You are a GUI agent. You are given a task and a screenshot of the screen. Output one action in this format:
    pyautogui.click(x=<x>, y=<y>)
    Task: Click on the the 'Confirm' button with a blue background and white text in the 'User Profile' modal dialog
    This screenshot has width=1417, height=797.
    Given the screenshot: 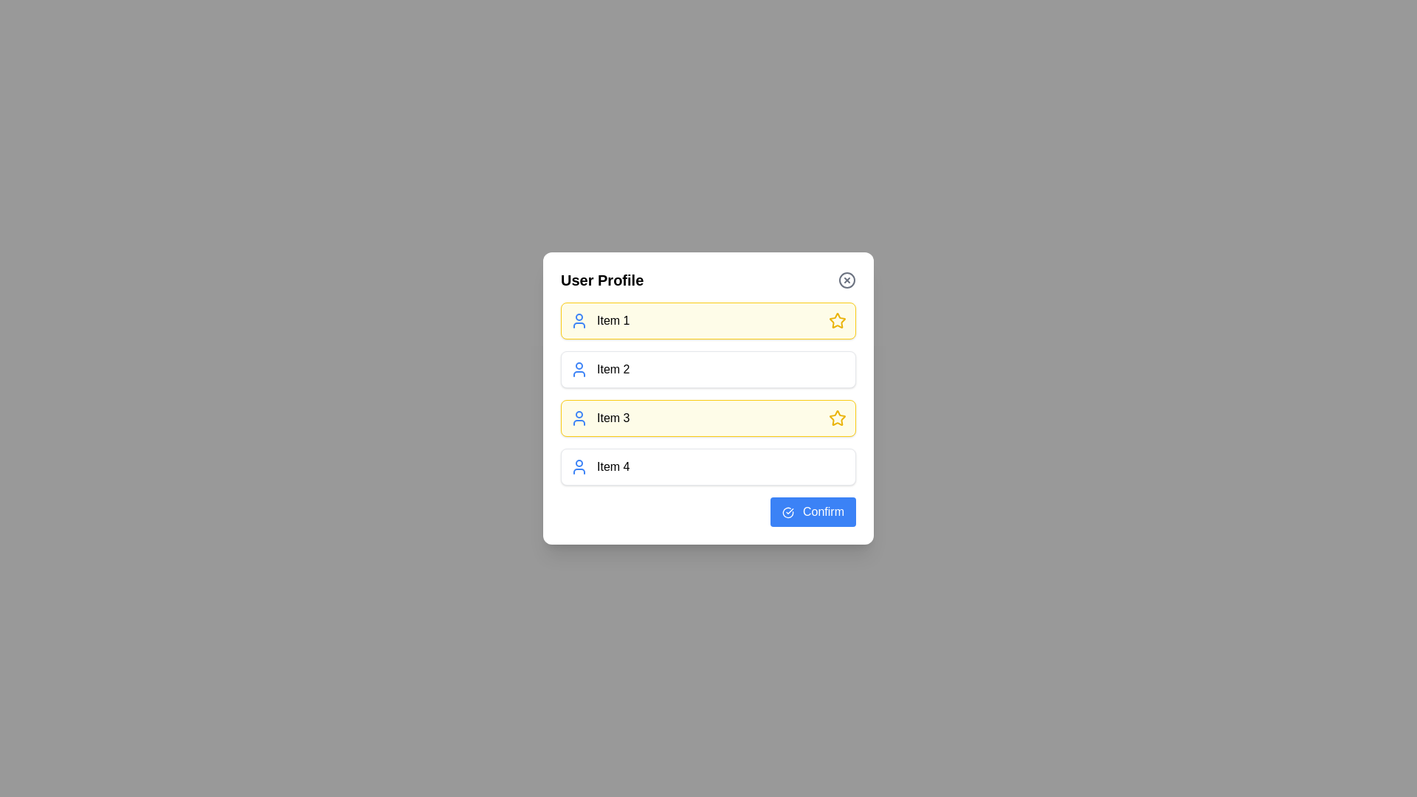 What is the action you would take?
    pyautogui.click(x=812, y=511)
    